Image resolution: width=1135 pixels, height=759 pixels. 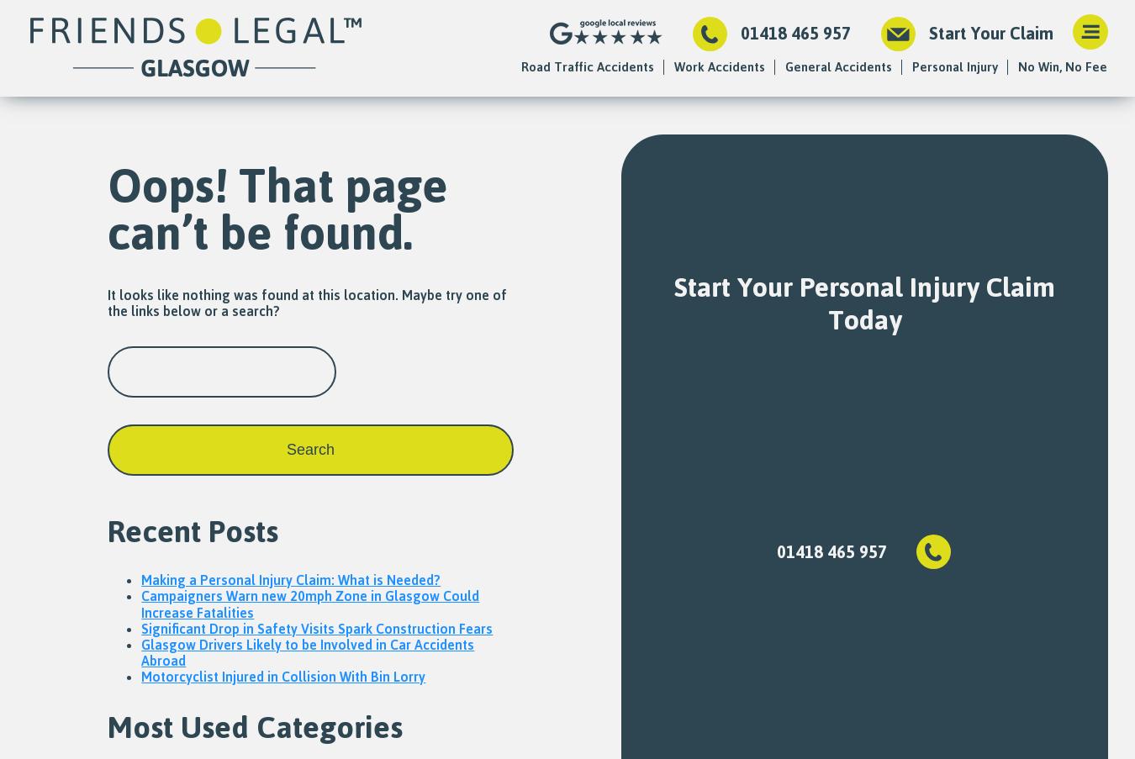 What do you see at coordinates (948, 143) in the screenshot?
I see `'Head Injuries'` at bounding box center [948, 143].